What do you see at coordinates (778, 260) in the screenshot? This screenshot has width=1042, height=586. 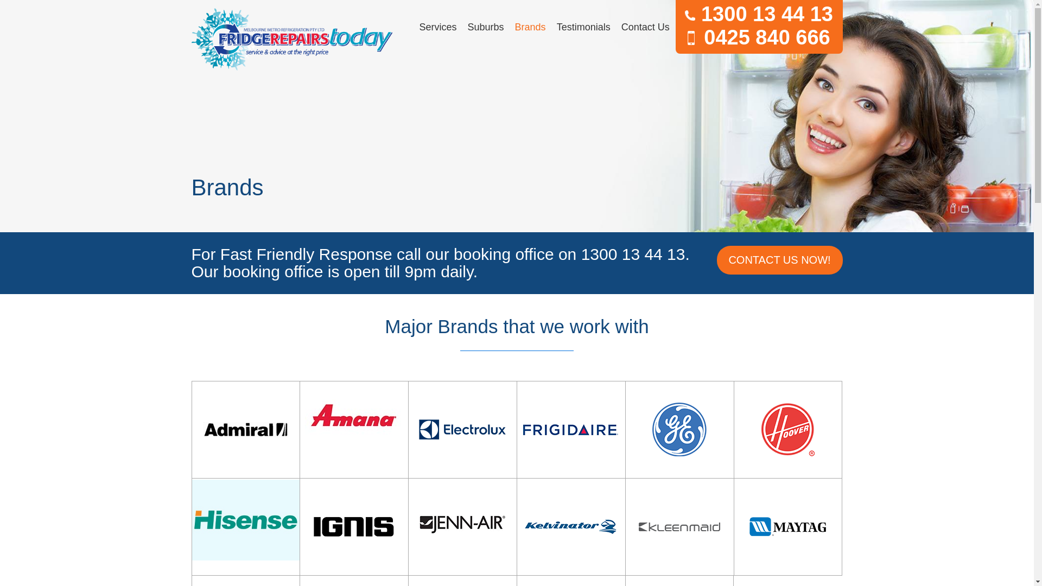 I see `'CONTACT US NOW!'` at bounding box center [778, 260].